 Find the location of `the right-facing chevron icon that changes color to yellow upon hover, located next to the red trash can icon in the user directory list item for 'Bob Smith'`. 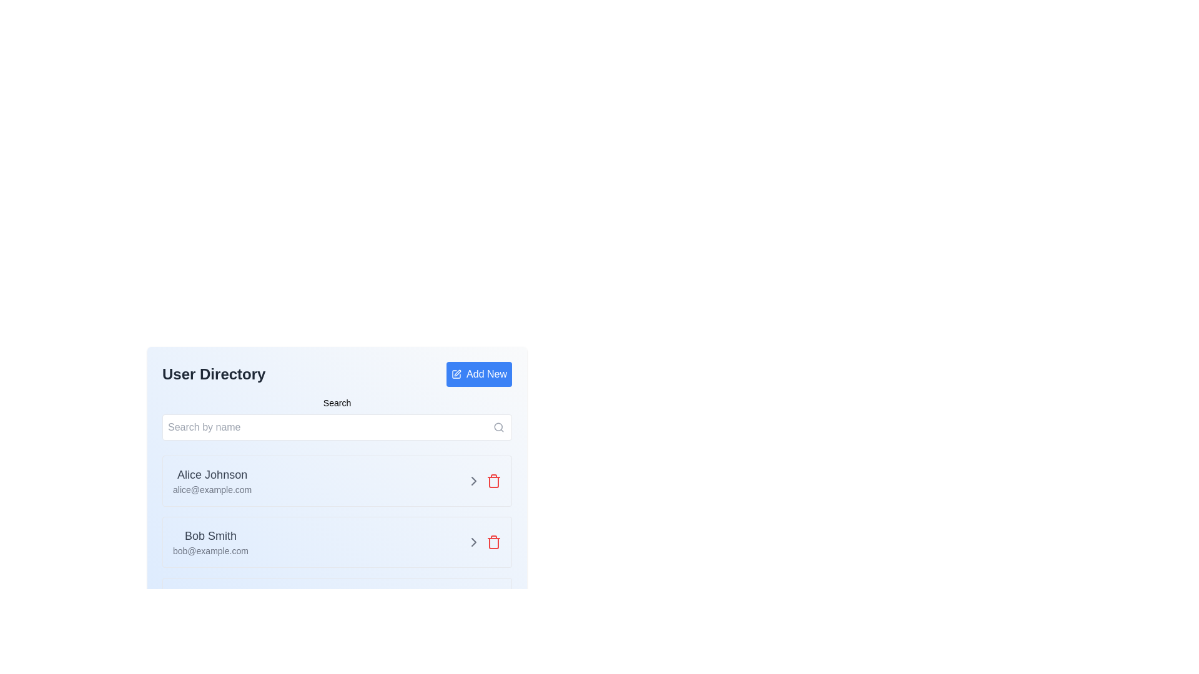

the right-facing chevron icon that changes color to yellow upon hover, located next to the red trash can icon in the user directory list item for 'Bob Smith' is located at coordinates (473, 541).